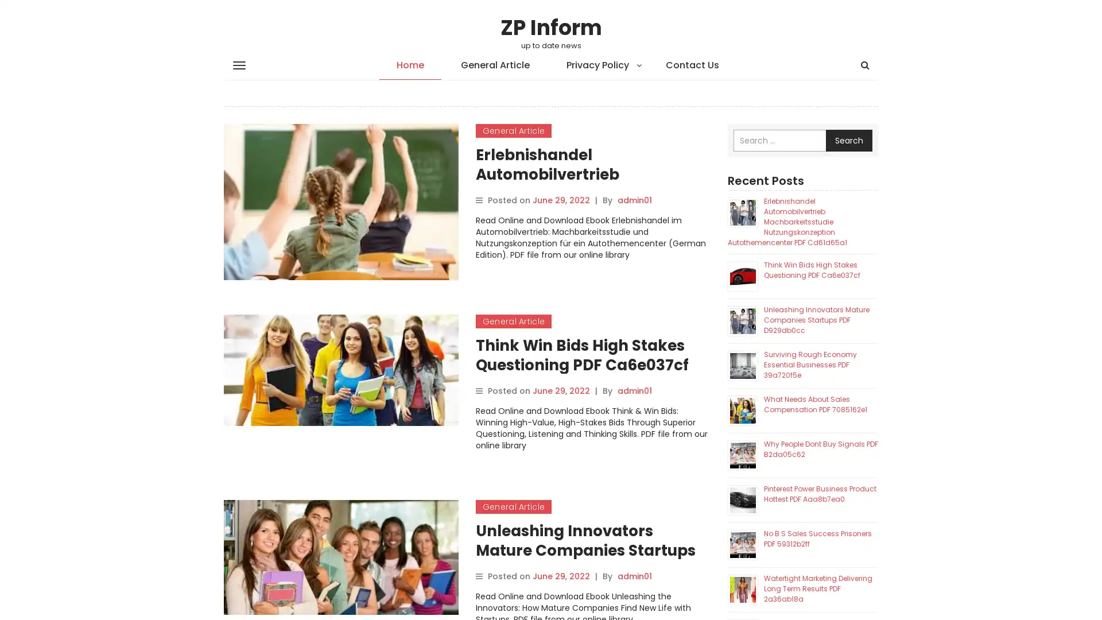 The image size is (1102, 620). I want to click on Search, so click(849, 140).